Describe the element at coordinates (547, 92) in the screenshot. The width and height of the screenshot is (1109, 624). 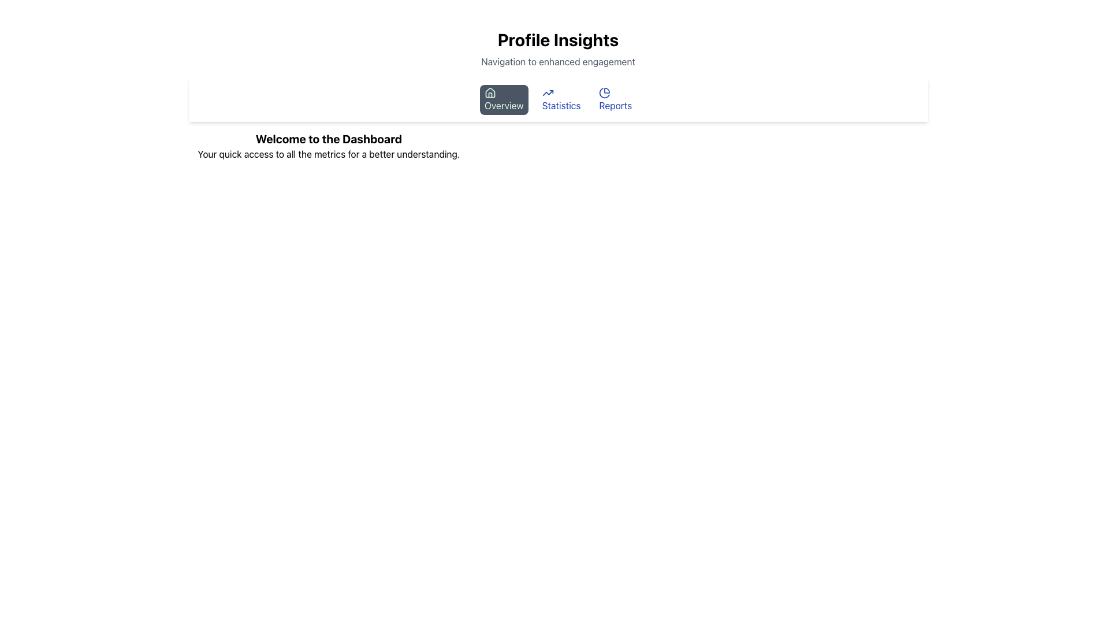
I see `the decorative element representing a trending-up concept, located on the right-hand side of the SVG icon within the navigation bar` at that location.